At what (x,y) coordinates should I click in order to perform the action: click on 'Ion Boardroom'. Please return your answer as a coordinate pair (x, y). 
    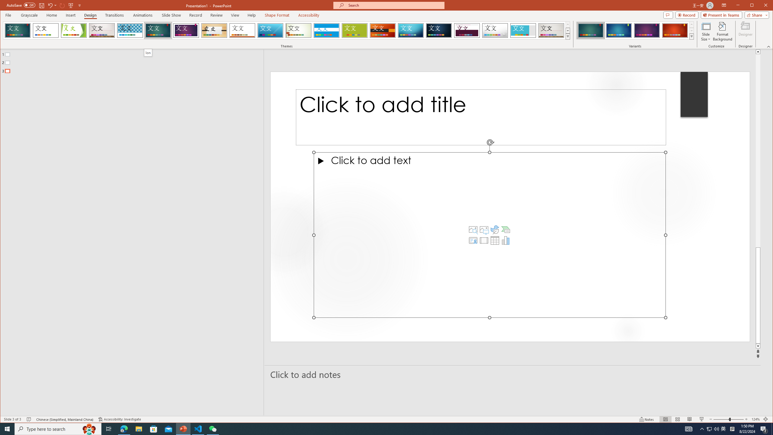
    Looking at the image, I should click on (186, 30).